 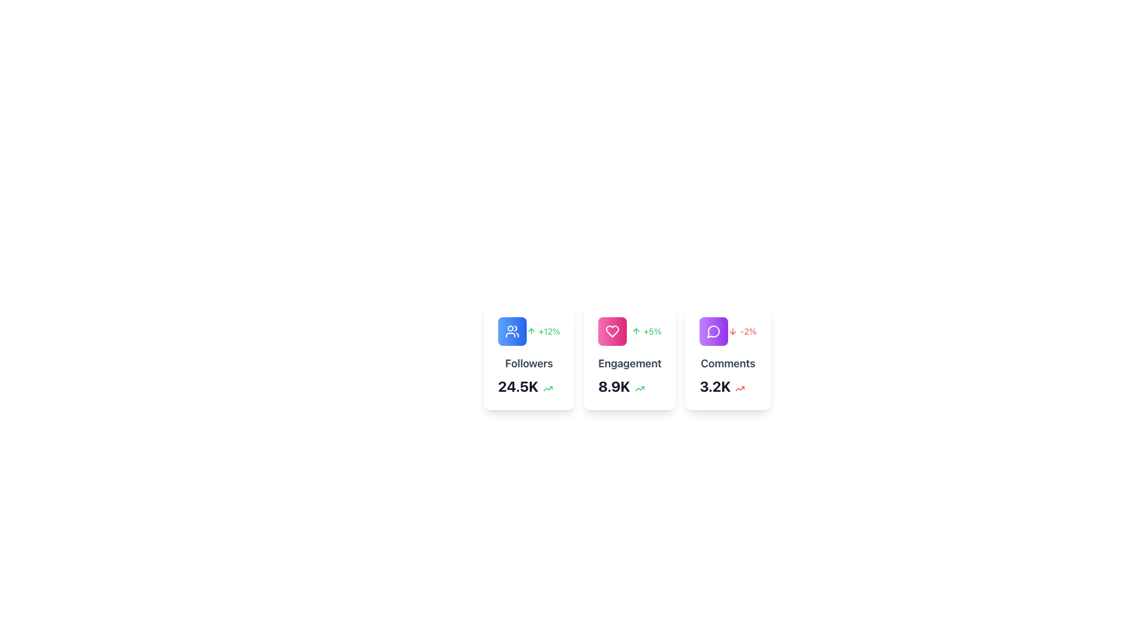 What do you see at coordinates (613, 331) in the screenshot?
I see `the heart icon located at the center of the 'Engagement' card, which features a white heart on a pink gradient background, as part of the card details` at bounding box center [613, 331].